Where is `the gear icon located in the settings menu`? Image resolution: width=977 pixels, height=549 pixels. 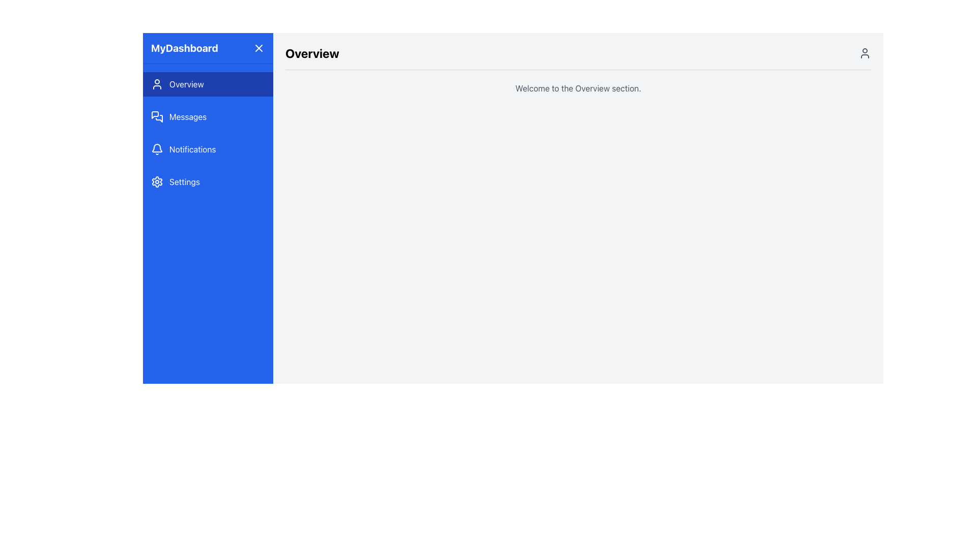
the gear icon located in the settings menu is located at coordinates (156, 181).